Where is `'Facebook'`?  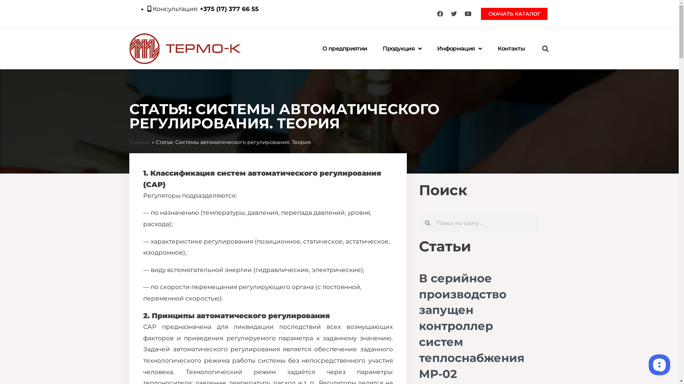 'Facebook' is located at coordinates (439, 14).